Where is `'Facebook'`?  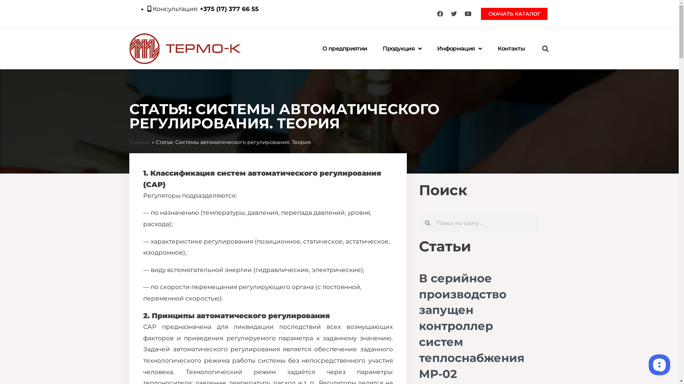 'Facebook' is located at coordinates (439, 14).